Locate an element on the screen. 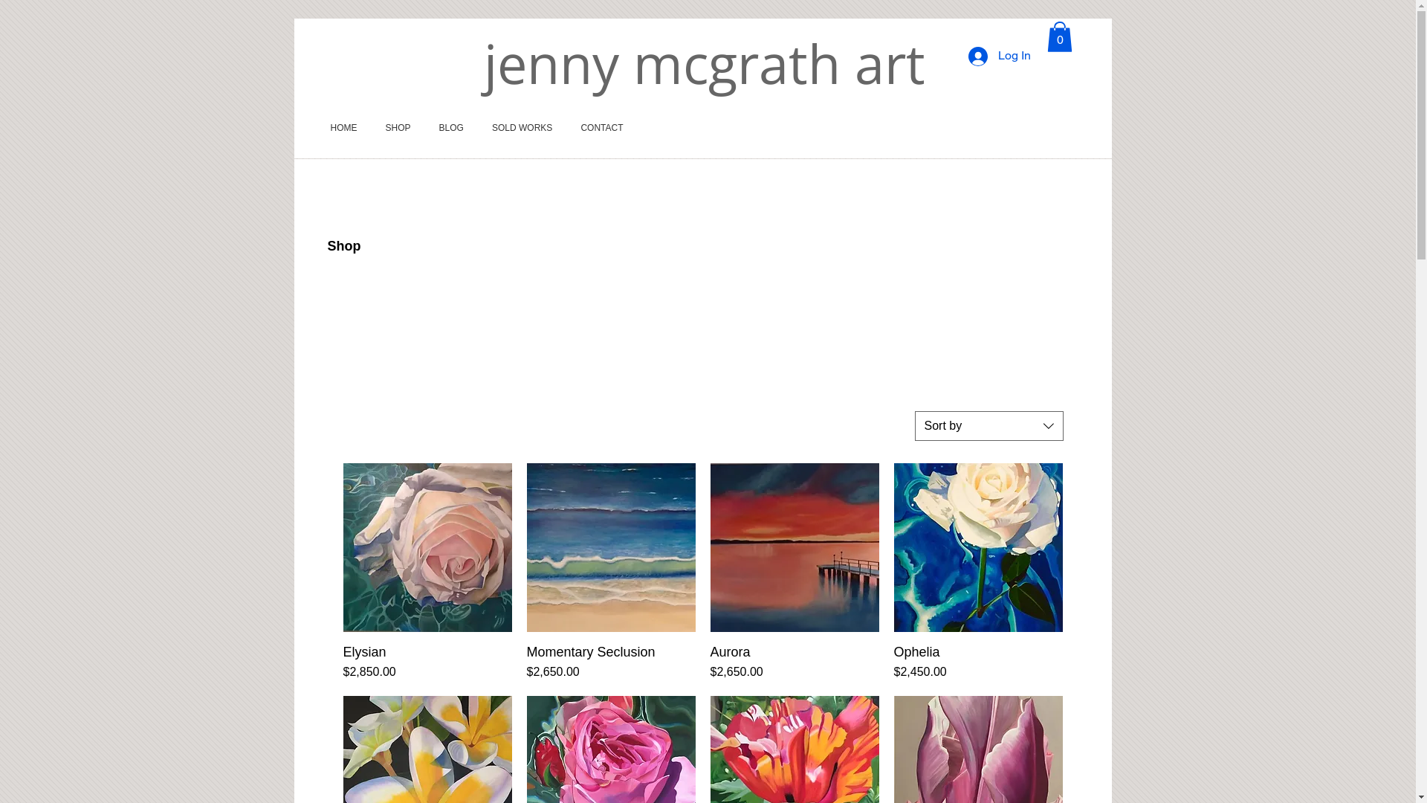  'SHOP' is located at coordinates (398, 127).